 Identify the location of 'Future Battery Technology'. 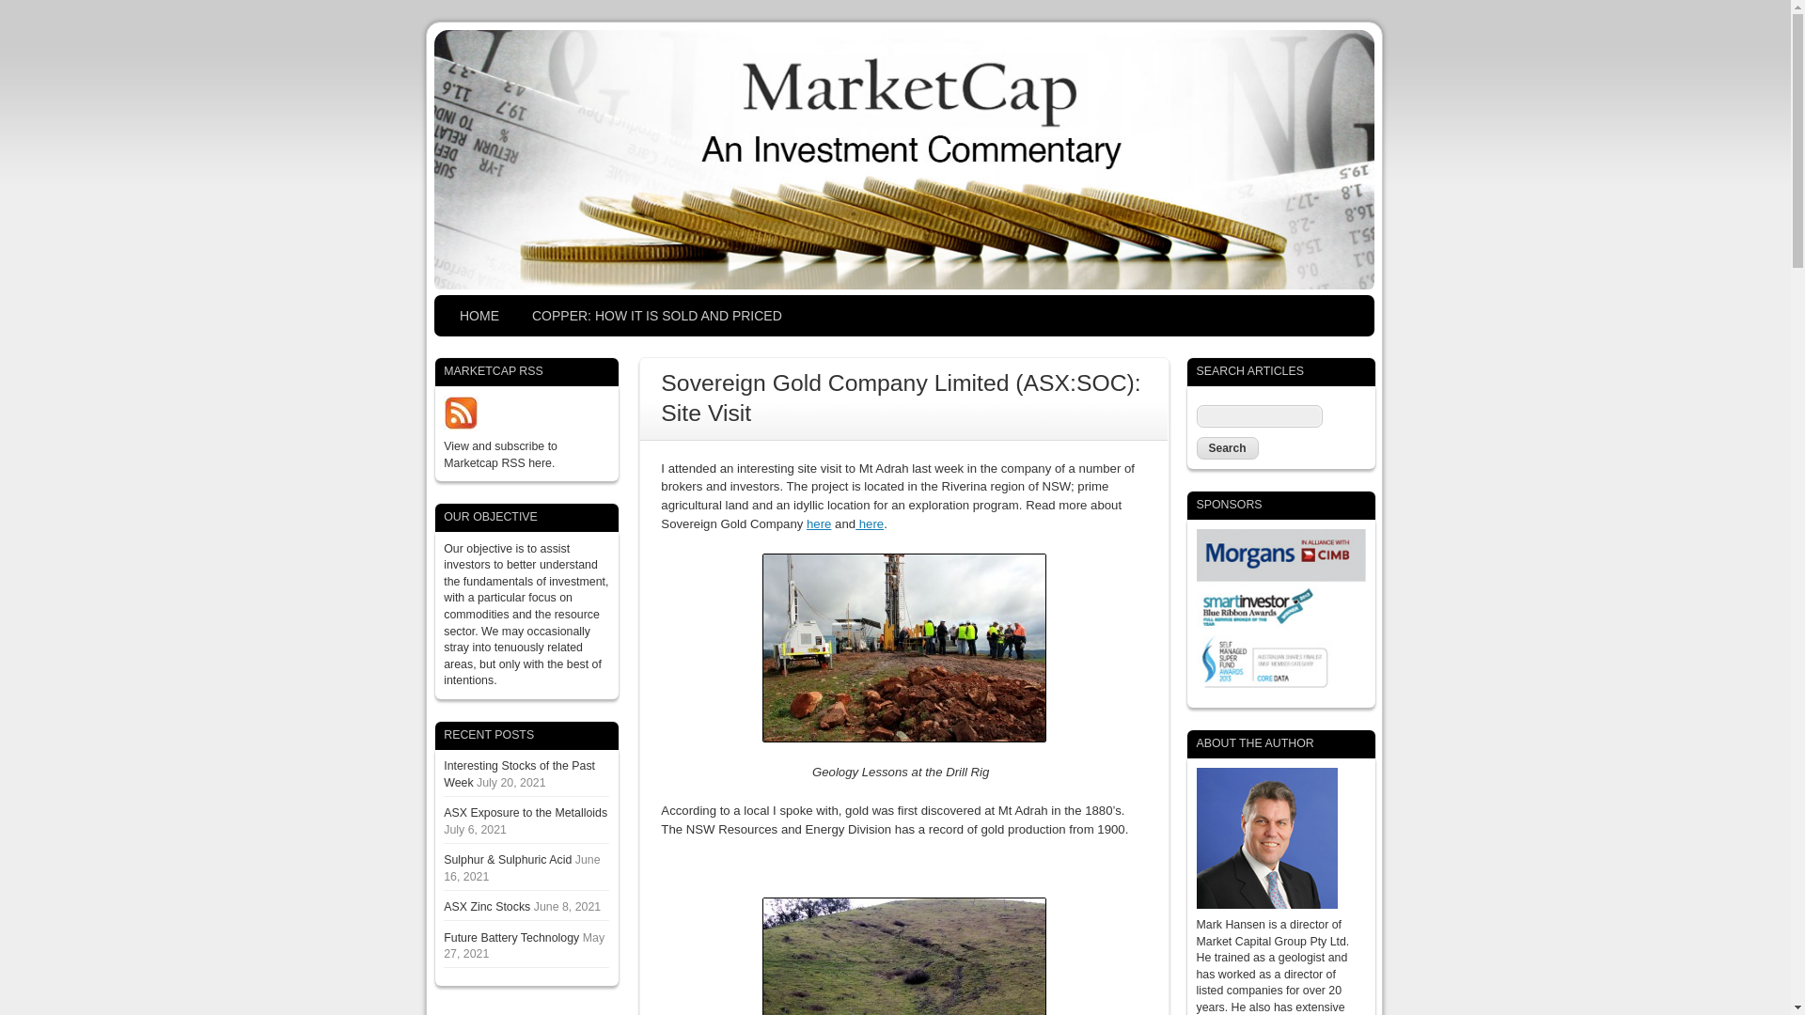
(510, 938).